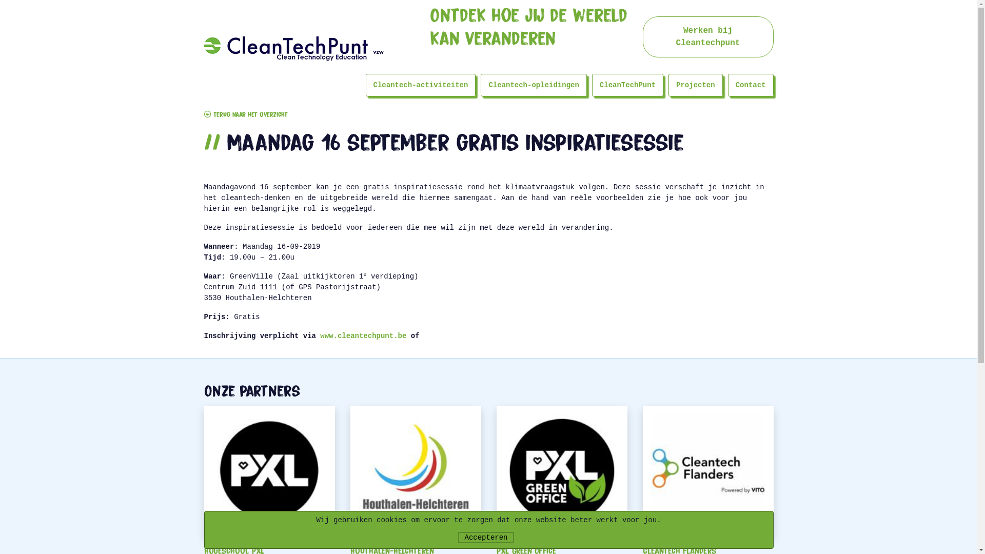  I want to click on 'Overslaan en naar de inhoud gaan', so click(0, 0).